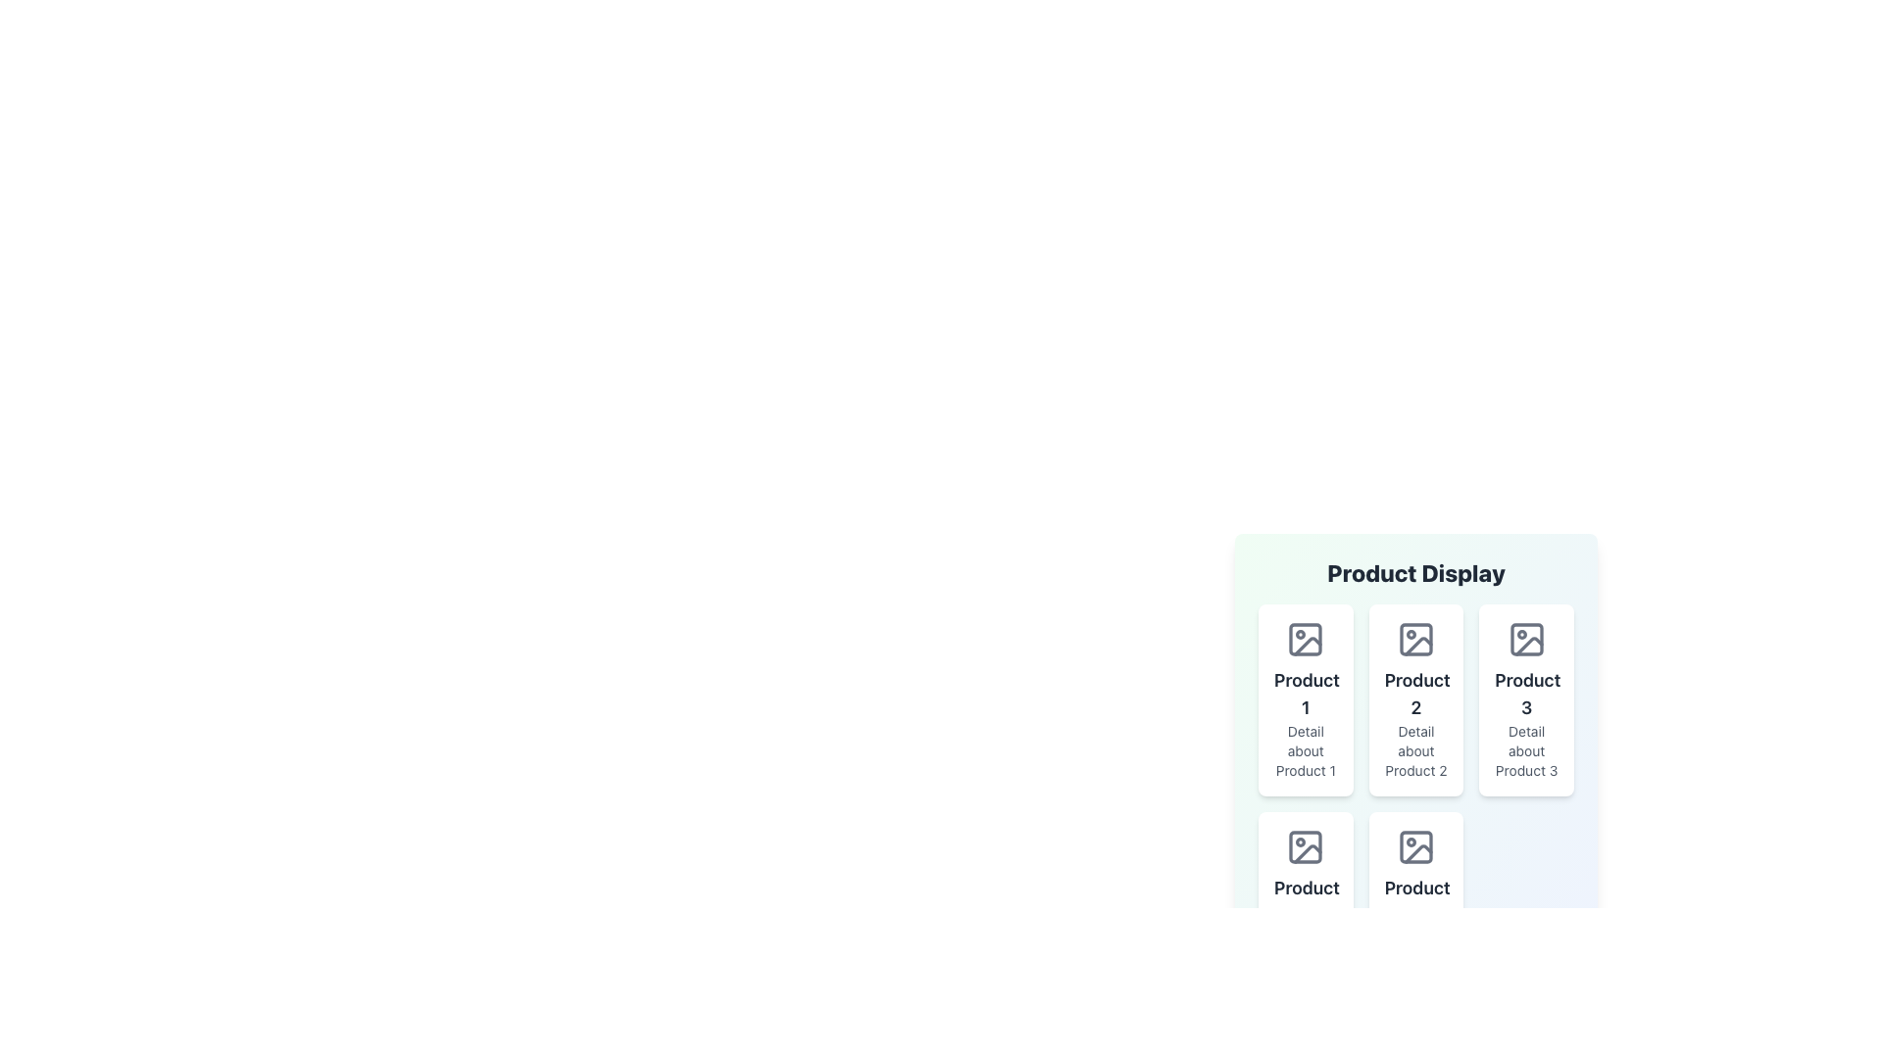 The image size is (1882, 1058). I want to click on the Text label that displays detailed information related to 'Product 1', located below the product name and icon, so click(1306, 750).